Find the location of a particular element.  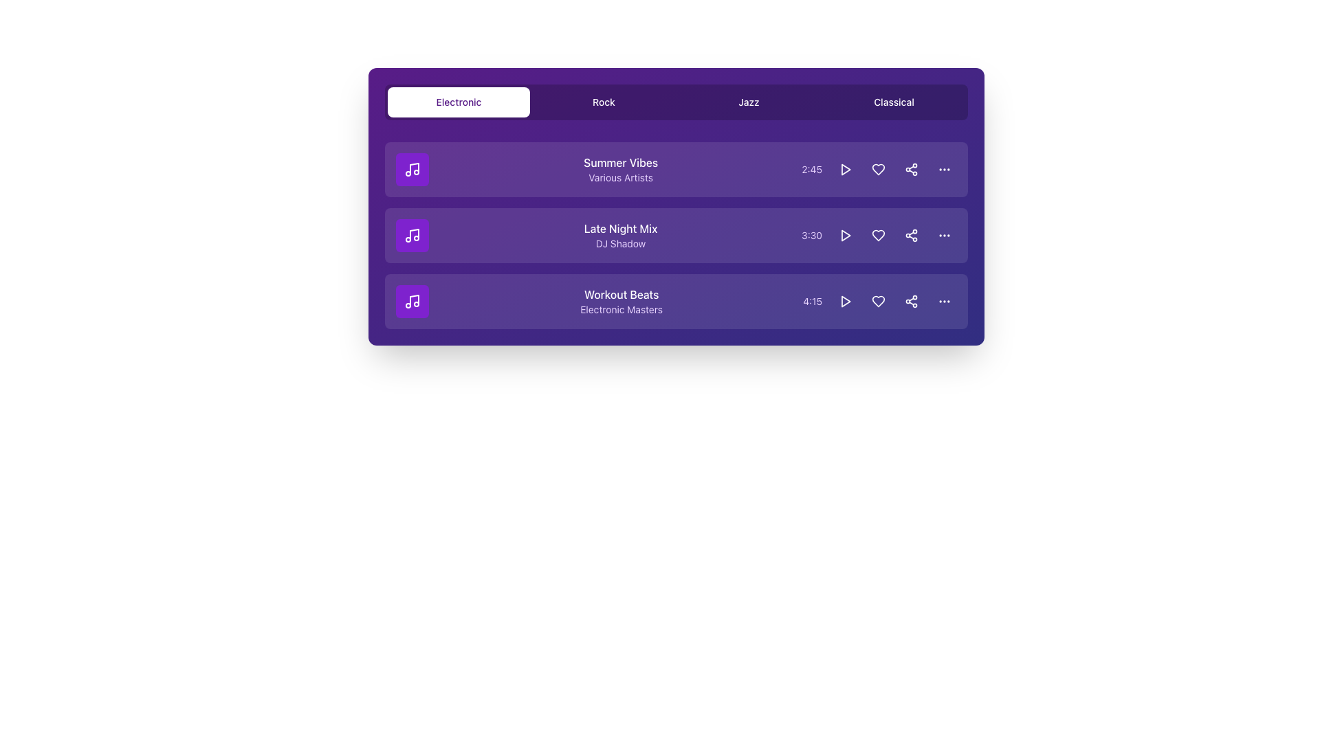

the play button located to the right of the track duration is located at coordinates (844, 168).